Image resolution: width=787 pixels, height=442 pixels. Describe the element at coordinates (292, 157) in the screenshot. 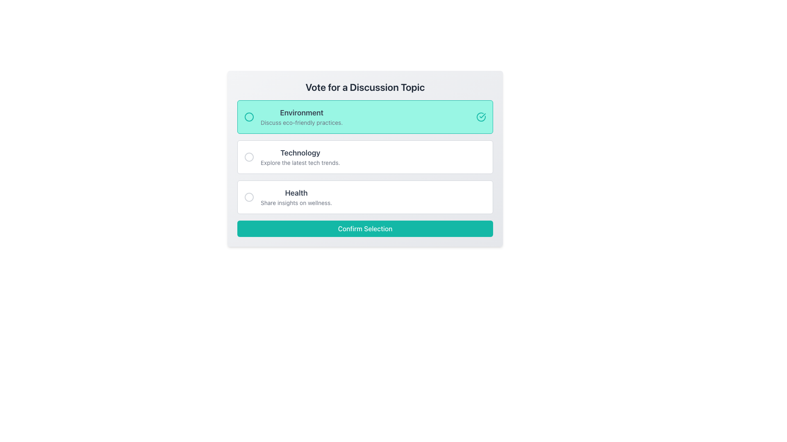

I see `text of the second list item labeled 'Technology' which is positioned below 'Environment' and above 'Health'` at that location.